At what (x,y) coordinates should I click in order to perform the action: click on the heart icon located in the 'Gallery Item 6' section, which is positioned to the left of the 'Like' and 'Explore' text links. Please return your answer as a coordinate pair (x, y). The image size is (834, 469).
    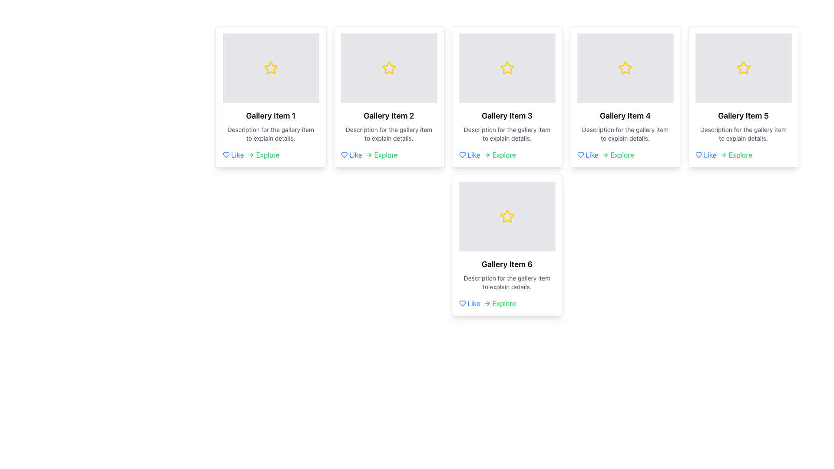
    Looking at the image, I should click on (462, 303).